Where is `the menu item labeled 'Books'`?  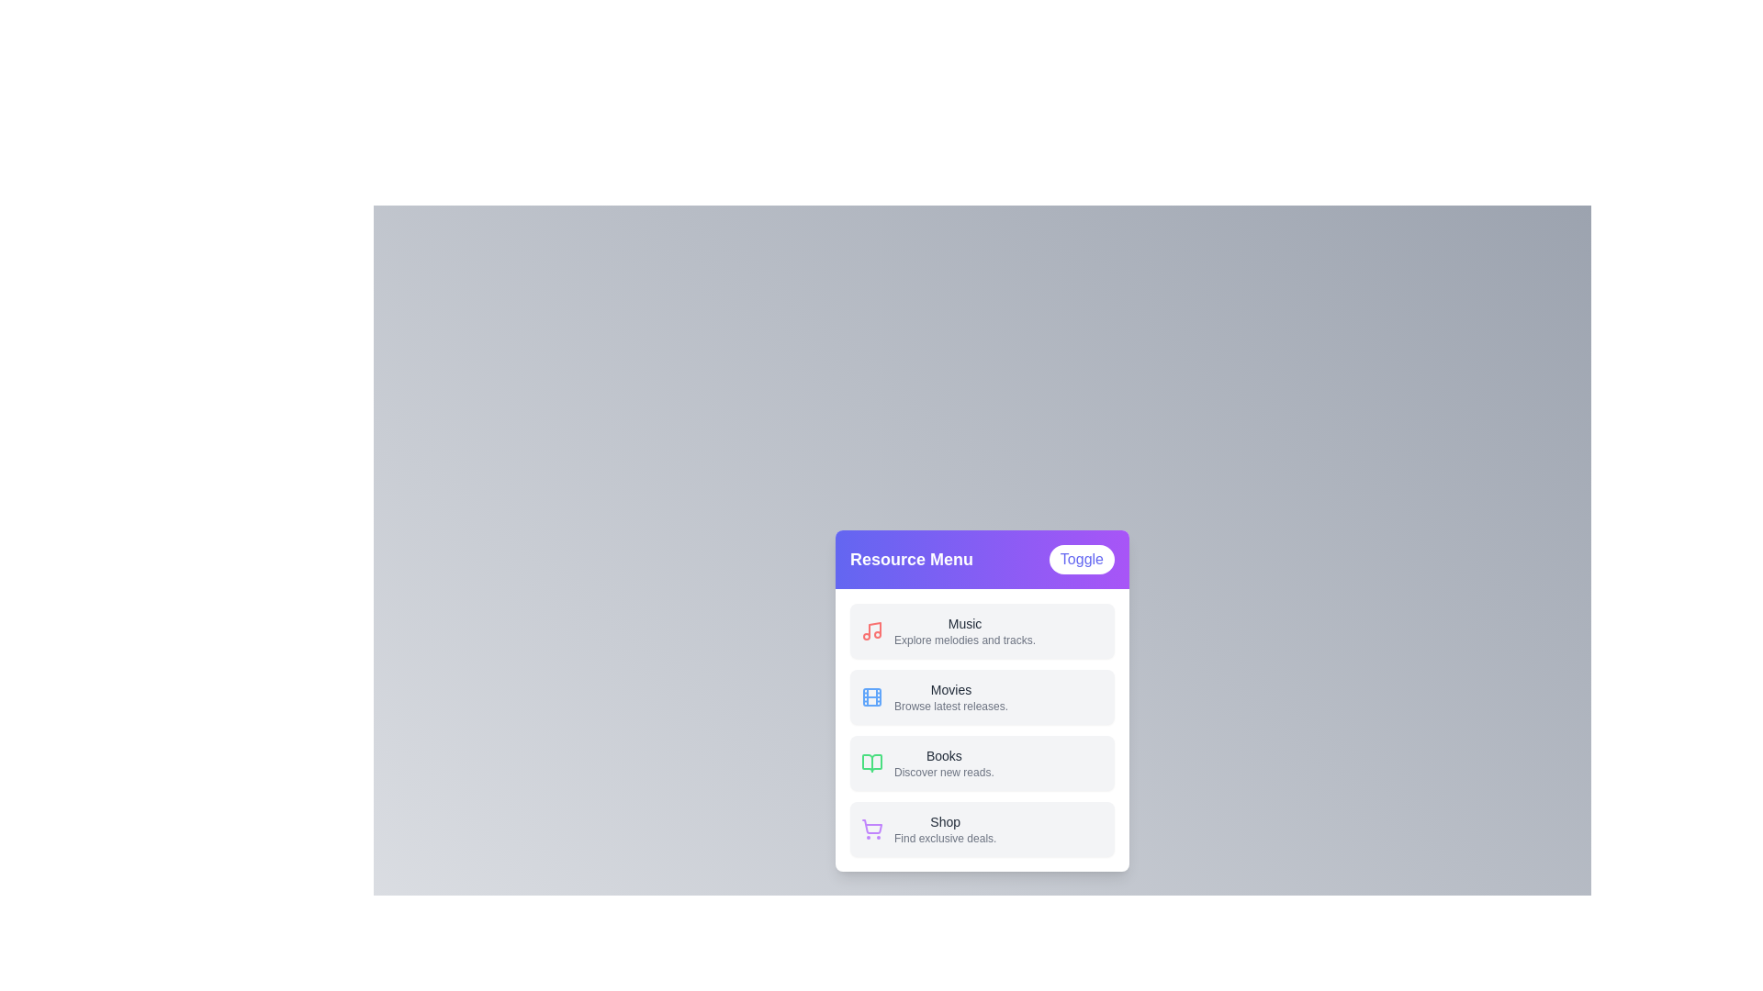
the menu item labeled 'Books' is located at coordinates (982, 763).